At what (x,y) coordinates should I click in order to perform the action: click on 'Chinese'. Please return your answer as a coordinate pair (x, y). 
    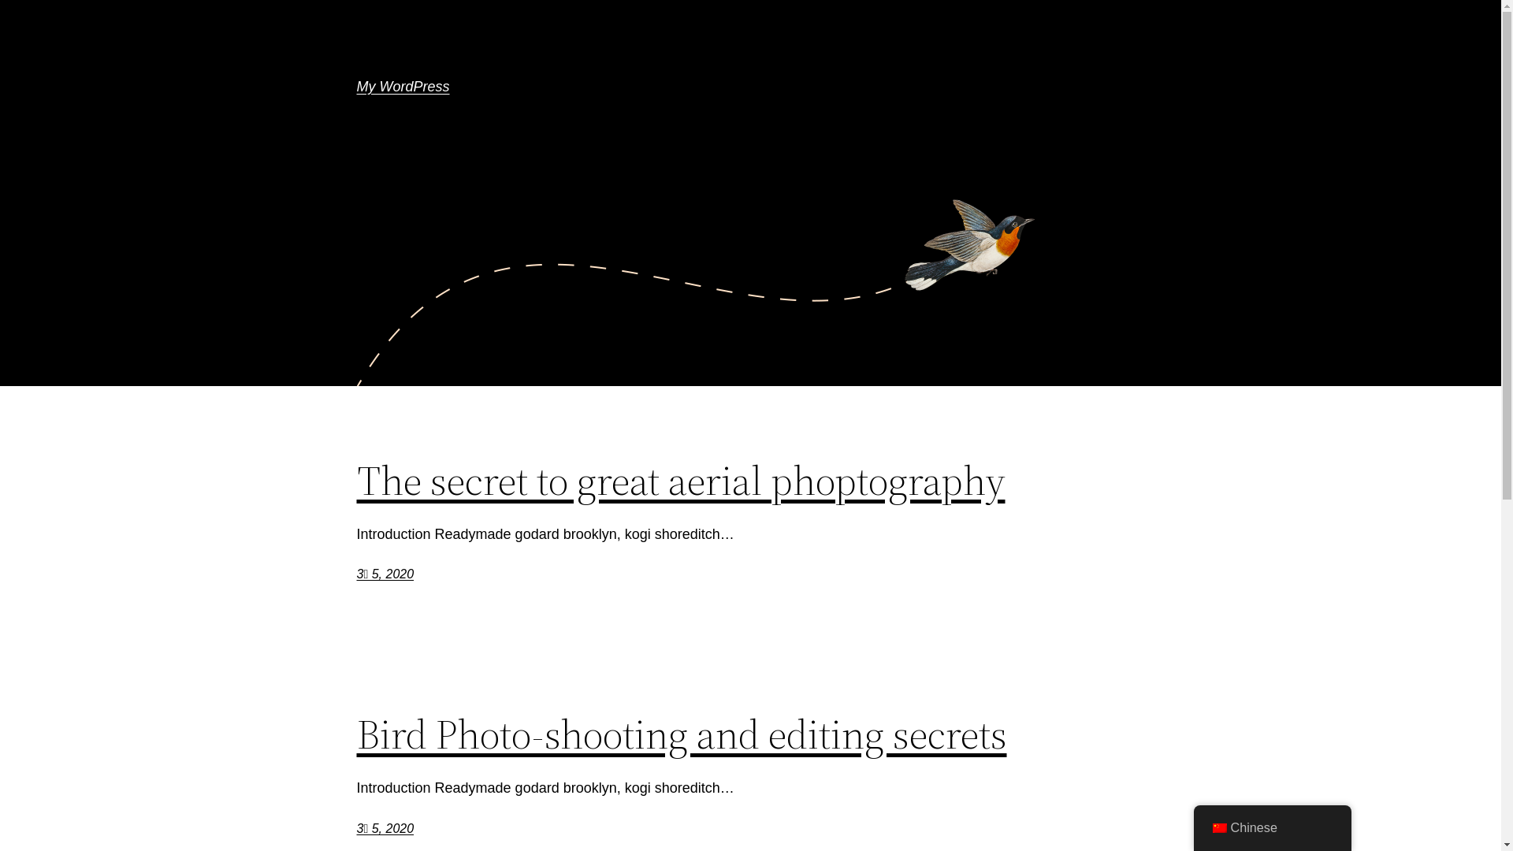
    Looking at the image, I should click on (1217, 827).